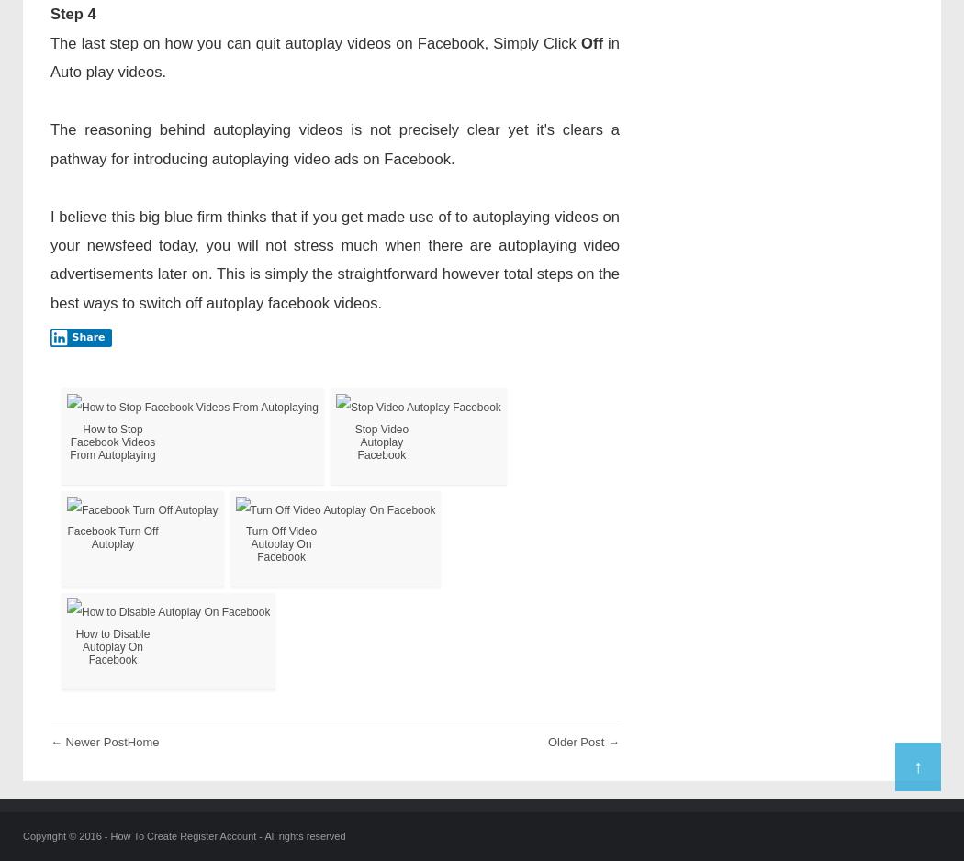  Describe the element at coordinates (314, 41) in the screenshot. I see `'The last step on how you can quit autoplay videos on Facebook, Simply Click'` at that location.